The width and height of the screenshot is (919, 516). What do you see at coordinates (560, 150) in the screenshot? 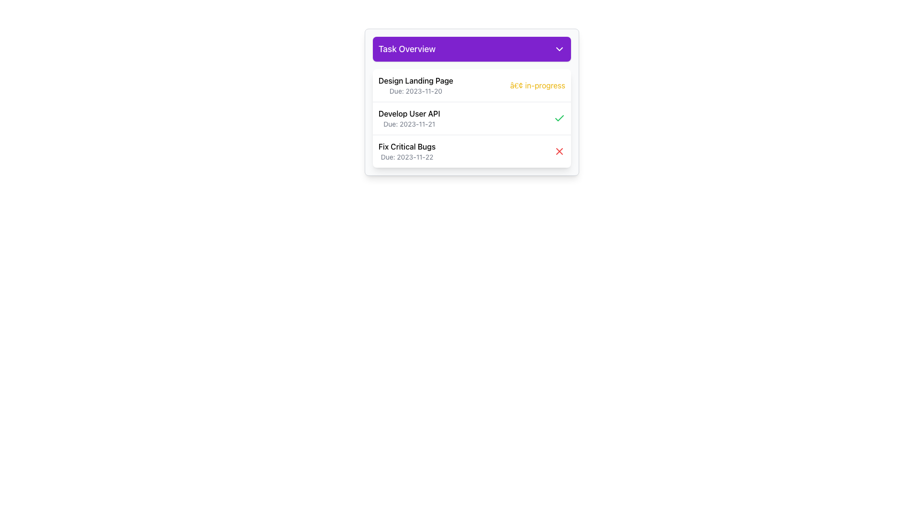
I see `the red cross (X) button located on the right side of the task list` at bounding box center [560, 150].